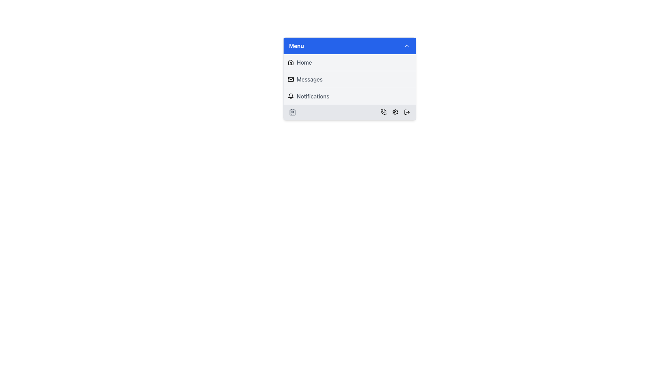 Image resolution: width=664 pixels, height=373 pixels. What do you see at coordinates (304, 63) in the screenshot?
I see `text label named 'Home' that indicates a navigation option in the application` at bounding box center [304, 63].